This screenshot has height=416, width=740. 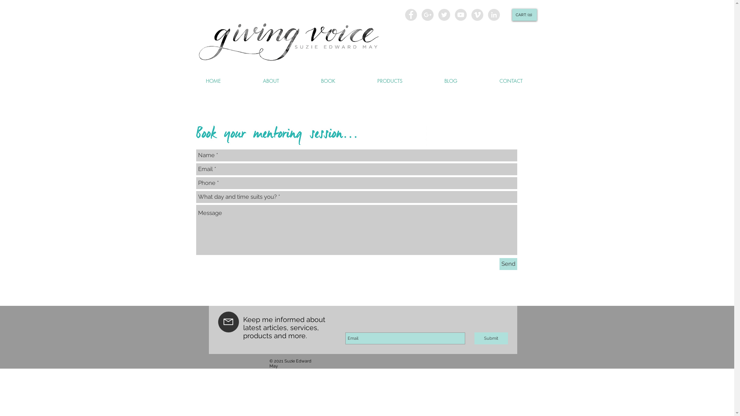 What do you see at coordinates (508, 263) in the screenshot?
I see `'Send'` at bounding box center [508, 263].